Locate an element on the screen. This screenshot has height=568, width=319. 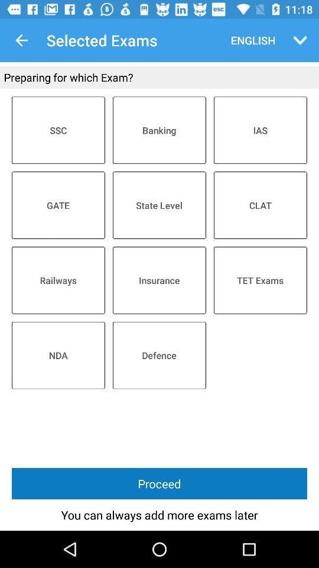
the drop down button beside english is located at coordinates (300, 40).